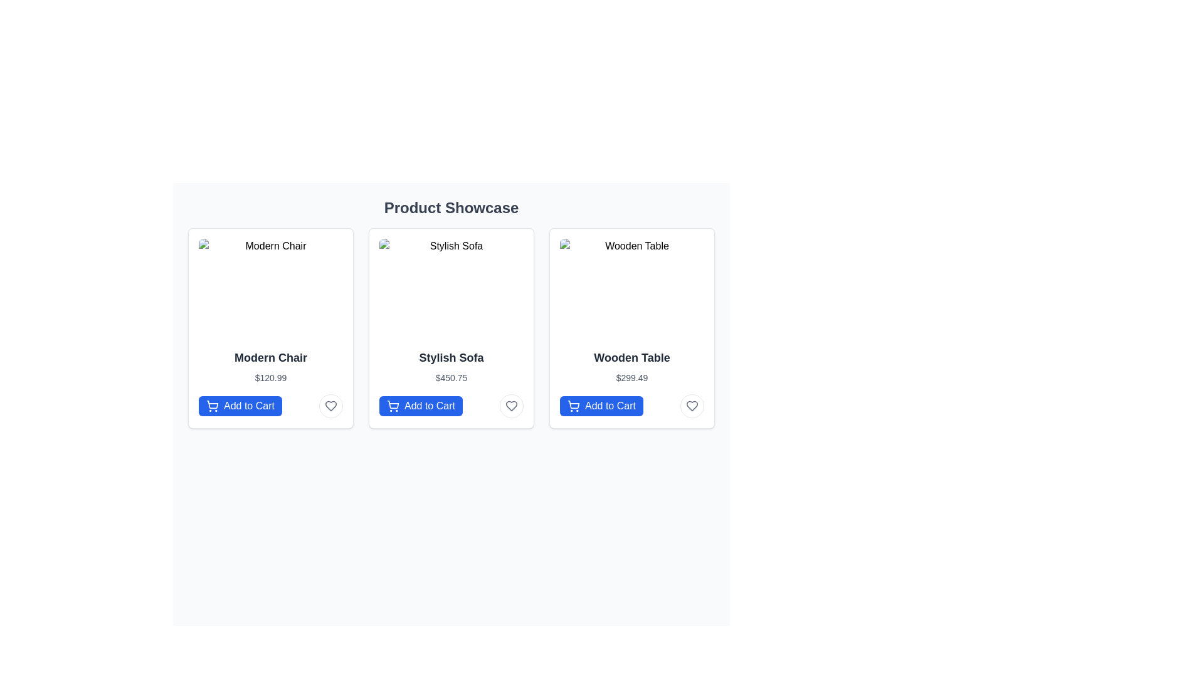 Image resolution: width=1204 pixels, height=677 pixels. I want to click on the price text element displaying '$450.75' located below the title 'Stylish Sofa' within the product card, so click(451, 377).